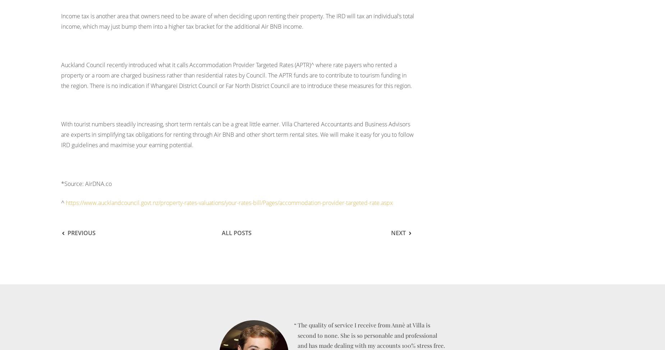  Describe the element at coordinates (227, 233) in the screenshot. I see `'All'` at that location.